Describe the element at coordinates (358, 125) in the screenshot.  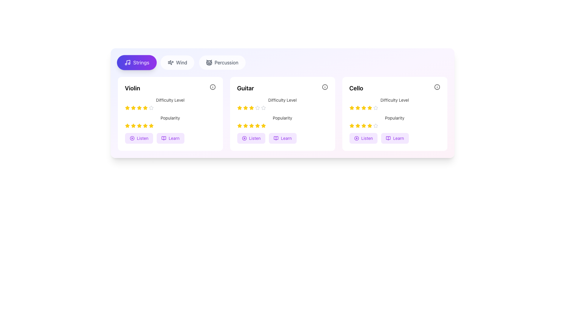
I see `the first star icon from the left in the second row of stars on the 'Cello' card` at that location.